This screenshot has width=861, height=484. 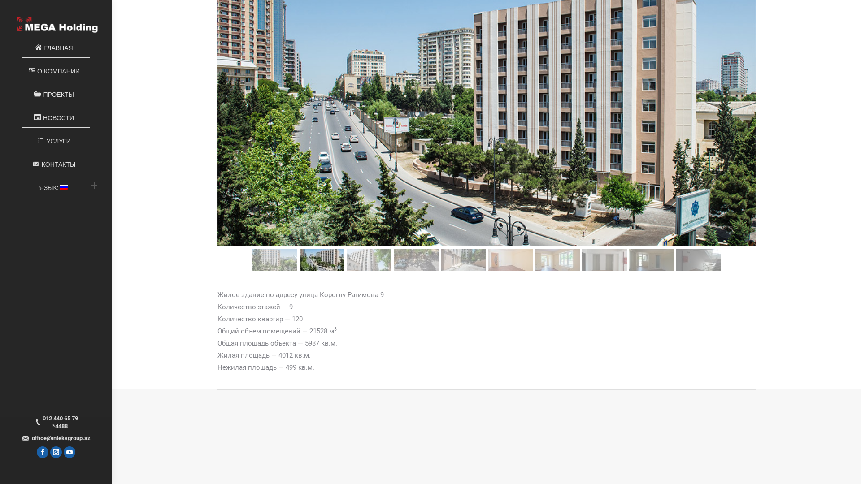 I want to click on 'Facebook', so click(x=42, y=452).